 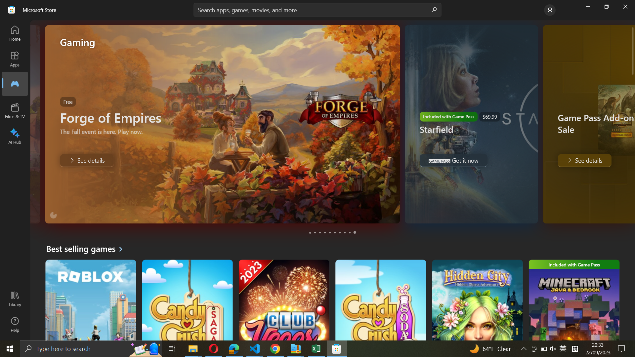 What do you see at coordinates (14, 83) in the screenshot?
I see `the Games tab` at bounding box center [14, 83].